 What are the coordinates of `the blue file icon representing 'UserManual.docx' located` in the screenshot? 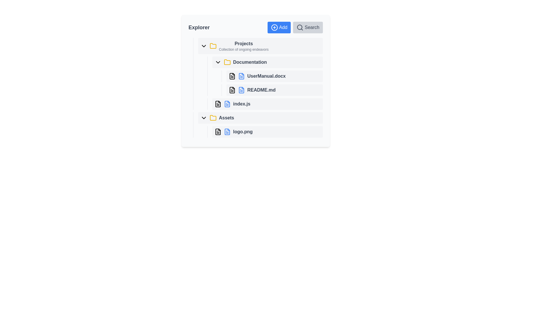 It's located at (242, 76).